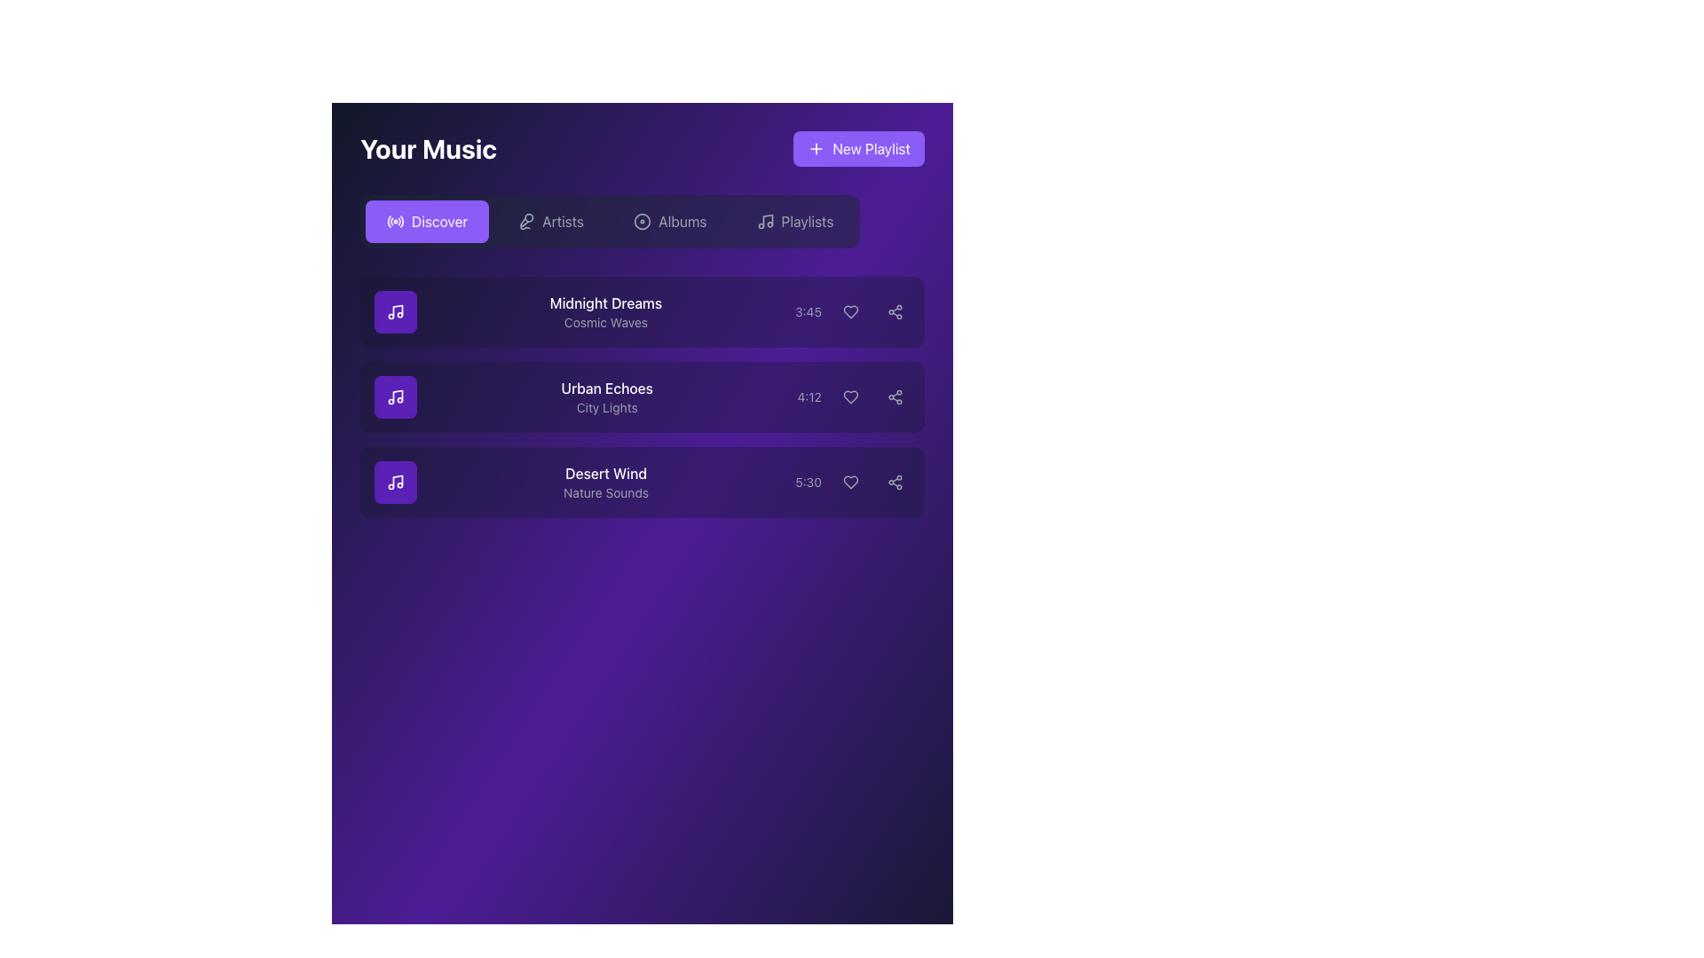 The width and height of the screenshot is (1704, 958). What do you see at coordinates (562, 221) in the screenshot?
I see `the 'Artists' Text Label in the horizontal navigation menu of the 'Your Music' section` at bounding box center [562, 221].